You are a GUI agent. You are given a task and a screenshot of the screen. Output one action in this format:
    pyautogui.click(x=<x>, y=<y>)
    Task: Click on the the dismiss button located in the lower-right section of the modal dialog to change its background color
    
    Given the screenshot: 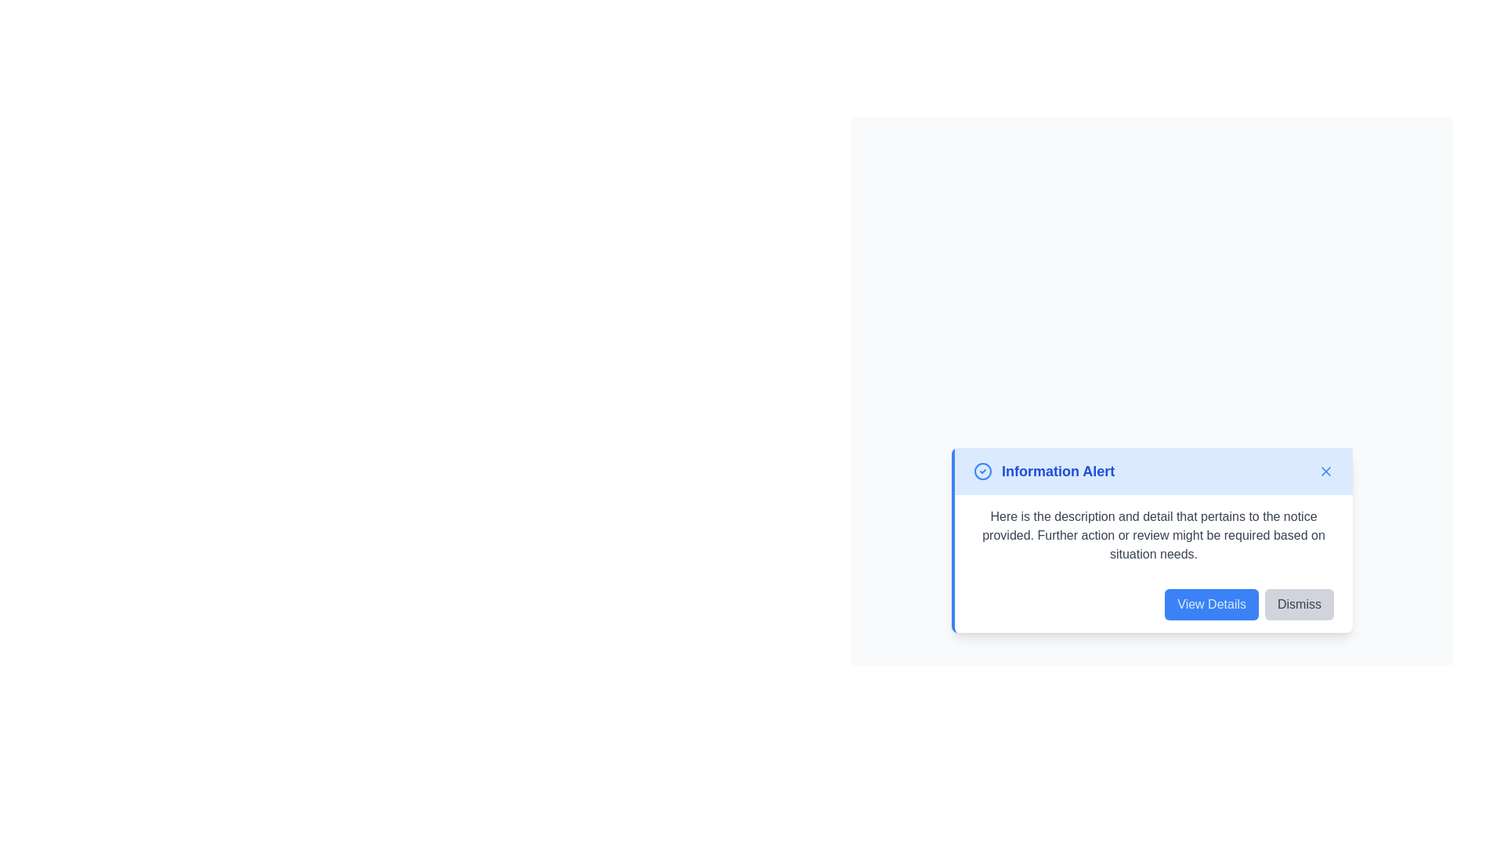 What is the action you would take?
    pyautogui.click(x=1300, y=603)
    